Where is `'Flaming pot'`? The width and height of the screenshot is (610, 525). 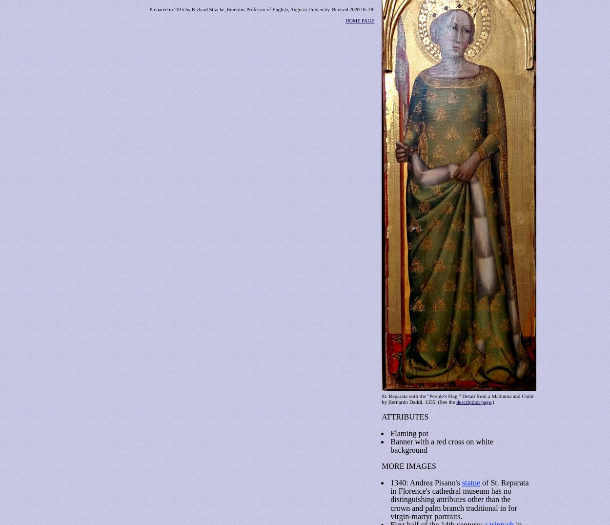
'Flaming pot' is located at coordinates (409, 432).